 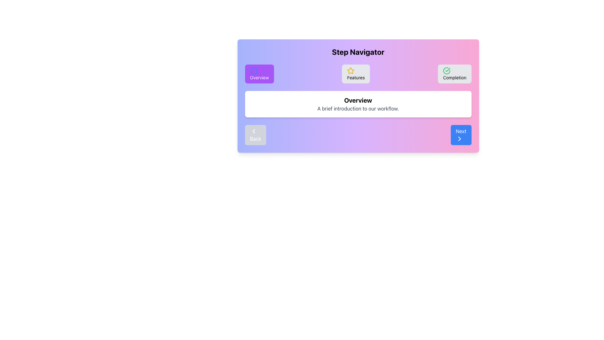 I want to click on the 'Features' icon located centrally in the 'Step Navigator' section of the navigation bar, so click(x=350, y=71).